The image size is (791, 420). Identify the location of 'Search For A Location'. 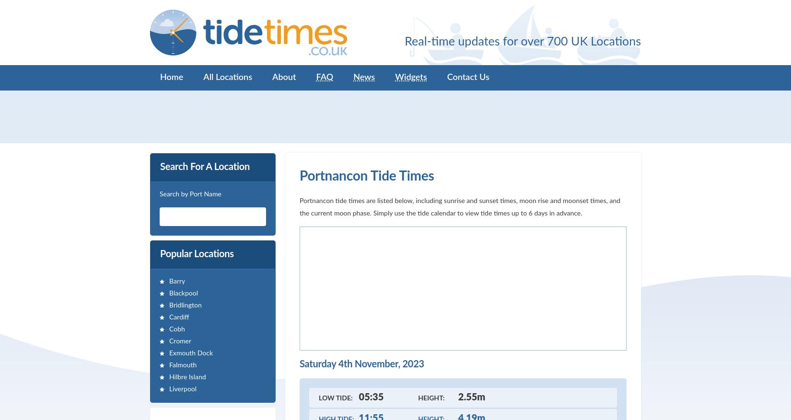
(204, 167).